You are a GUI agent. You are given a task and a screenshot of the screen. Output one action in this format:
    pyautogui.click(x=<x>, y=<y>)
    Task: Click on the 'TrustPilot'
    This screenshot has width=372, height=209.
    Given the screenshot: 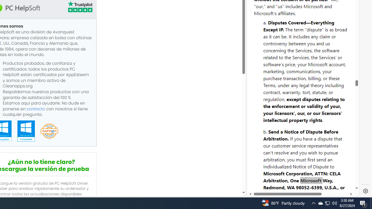 What is the action you would take?
    pyautogui.click(x=79, y=8)
    